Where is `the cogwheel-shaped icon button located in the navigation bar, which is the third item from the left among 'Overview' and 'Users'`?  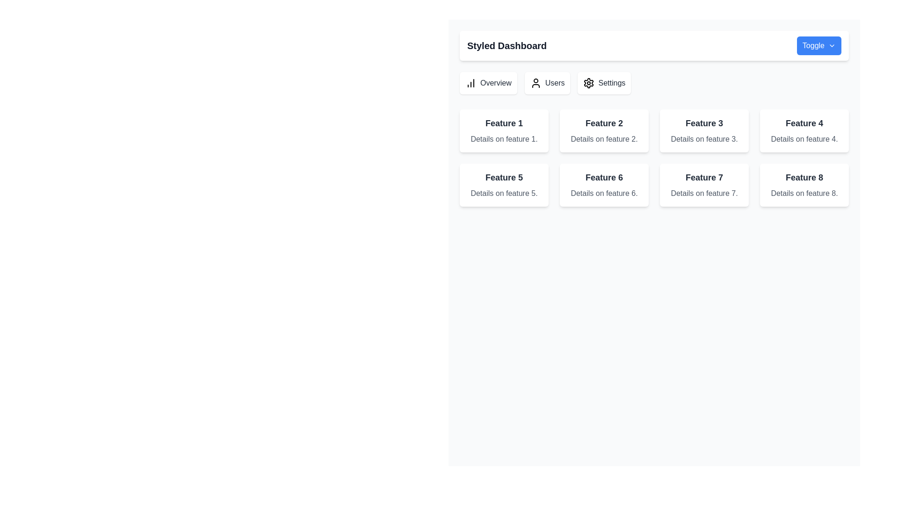 the cogwheel-shaped icon button located in the navigation bar, which is the third item from the left among 'Overview' and 'Users' is located at coordinates (588, 82).